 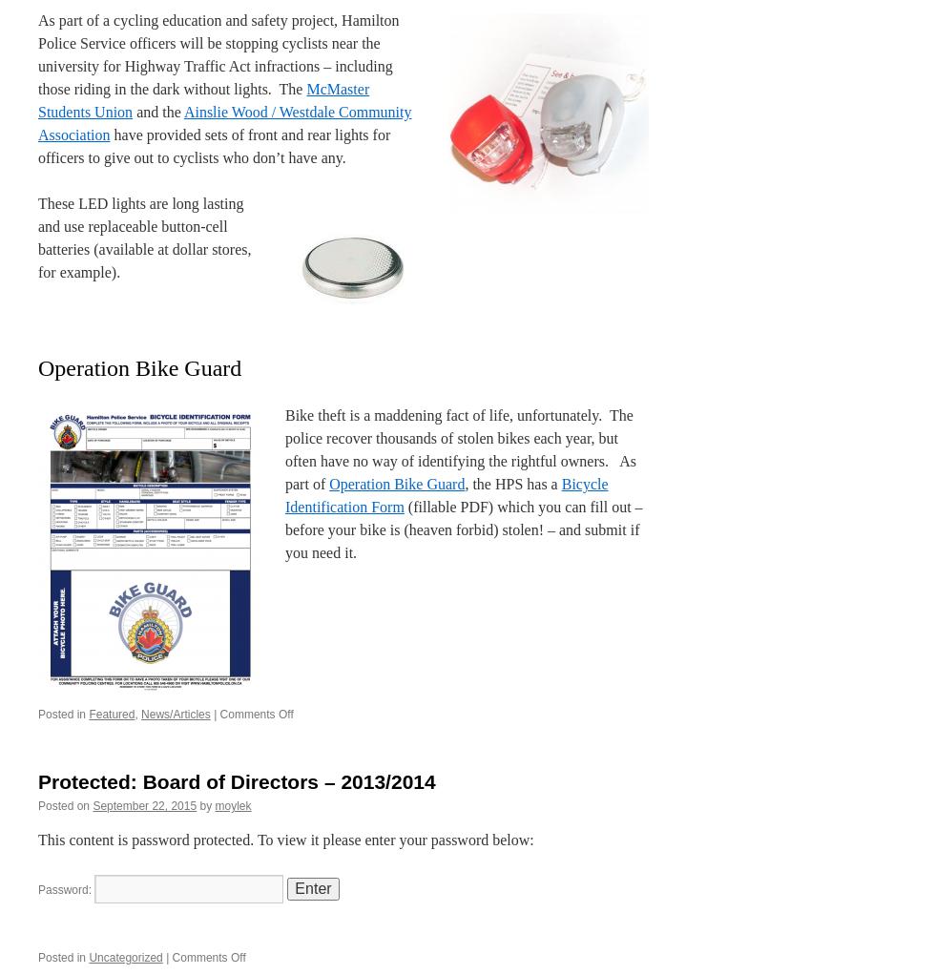 What do you see at coordinates (218, 53) in the screenshot?
I see `'As part of a cycling education and safety project, Hamilton Police Service officers will be stopping cyclists near the university for Highway Traffic Act infractions – including those riding in the dark without lights.  The'` at bounding box center [218, 53].